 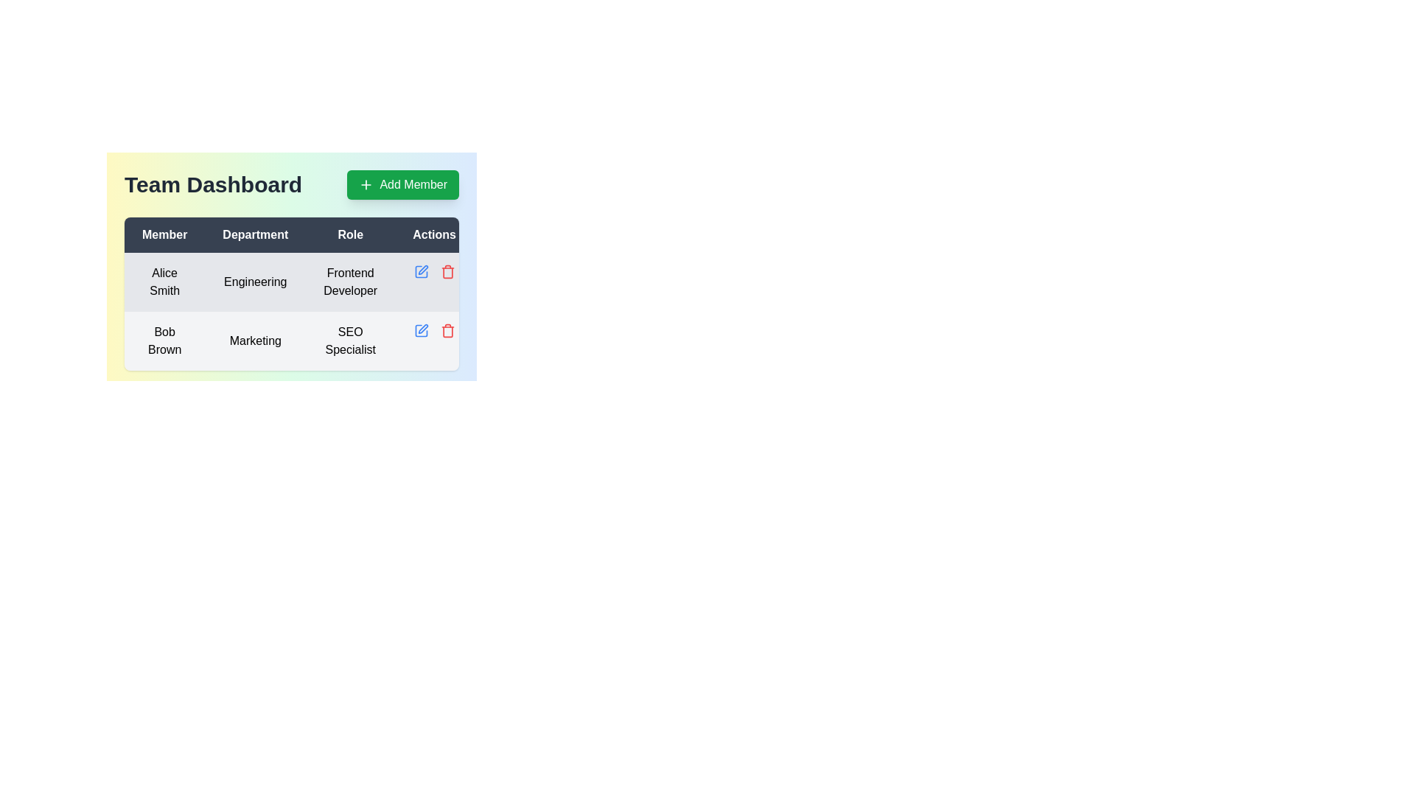 I want to click on the action control group icons for 'Alice Smith', so click(x=433, y=272).